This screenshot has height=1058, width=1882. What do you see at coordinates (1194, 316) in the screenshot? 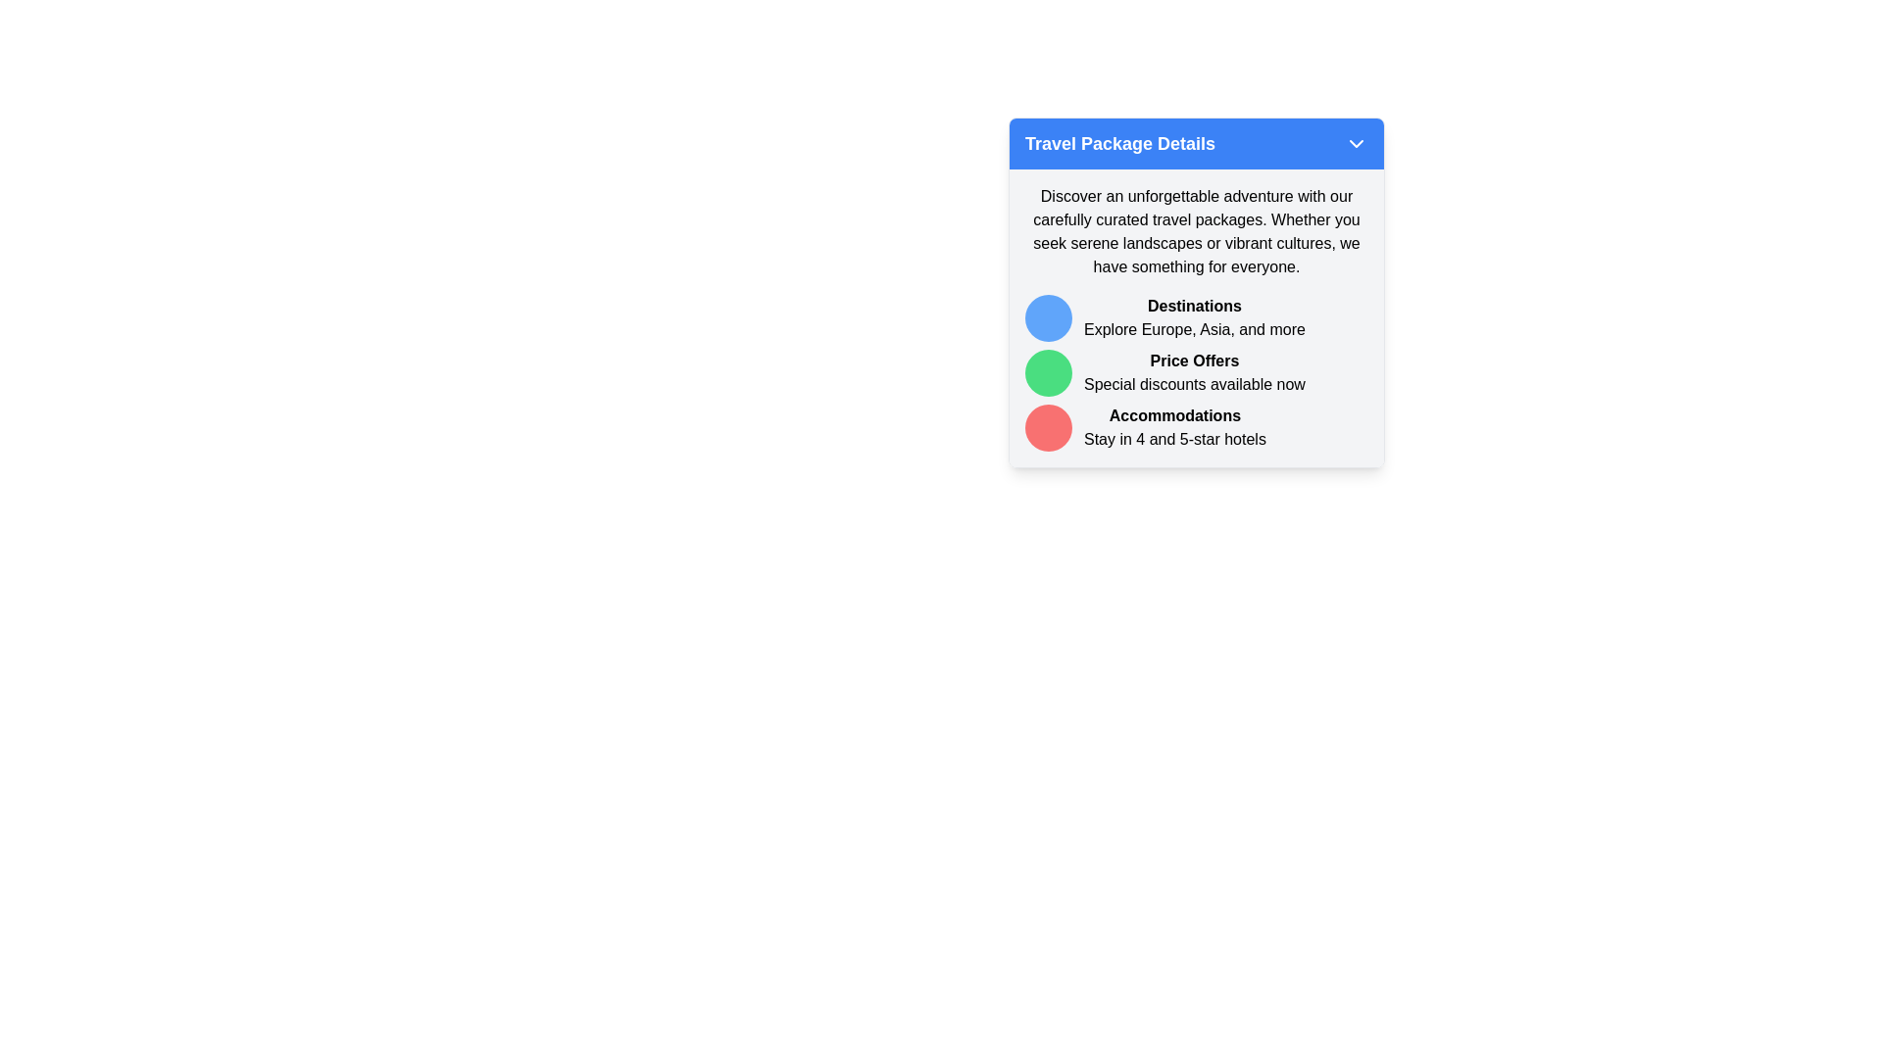
I see `the Text block that contains the title 'Destinations' and the subtitle 'Explore Europe, Asia, and more'` at bounding box center [1194, 316].